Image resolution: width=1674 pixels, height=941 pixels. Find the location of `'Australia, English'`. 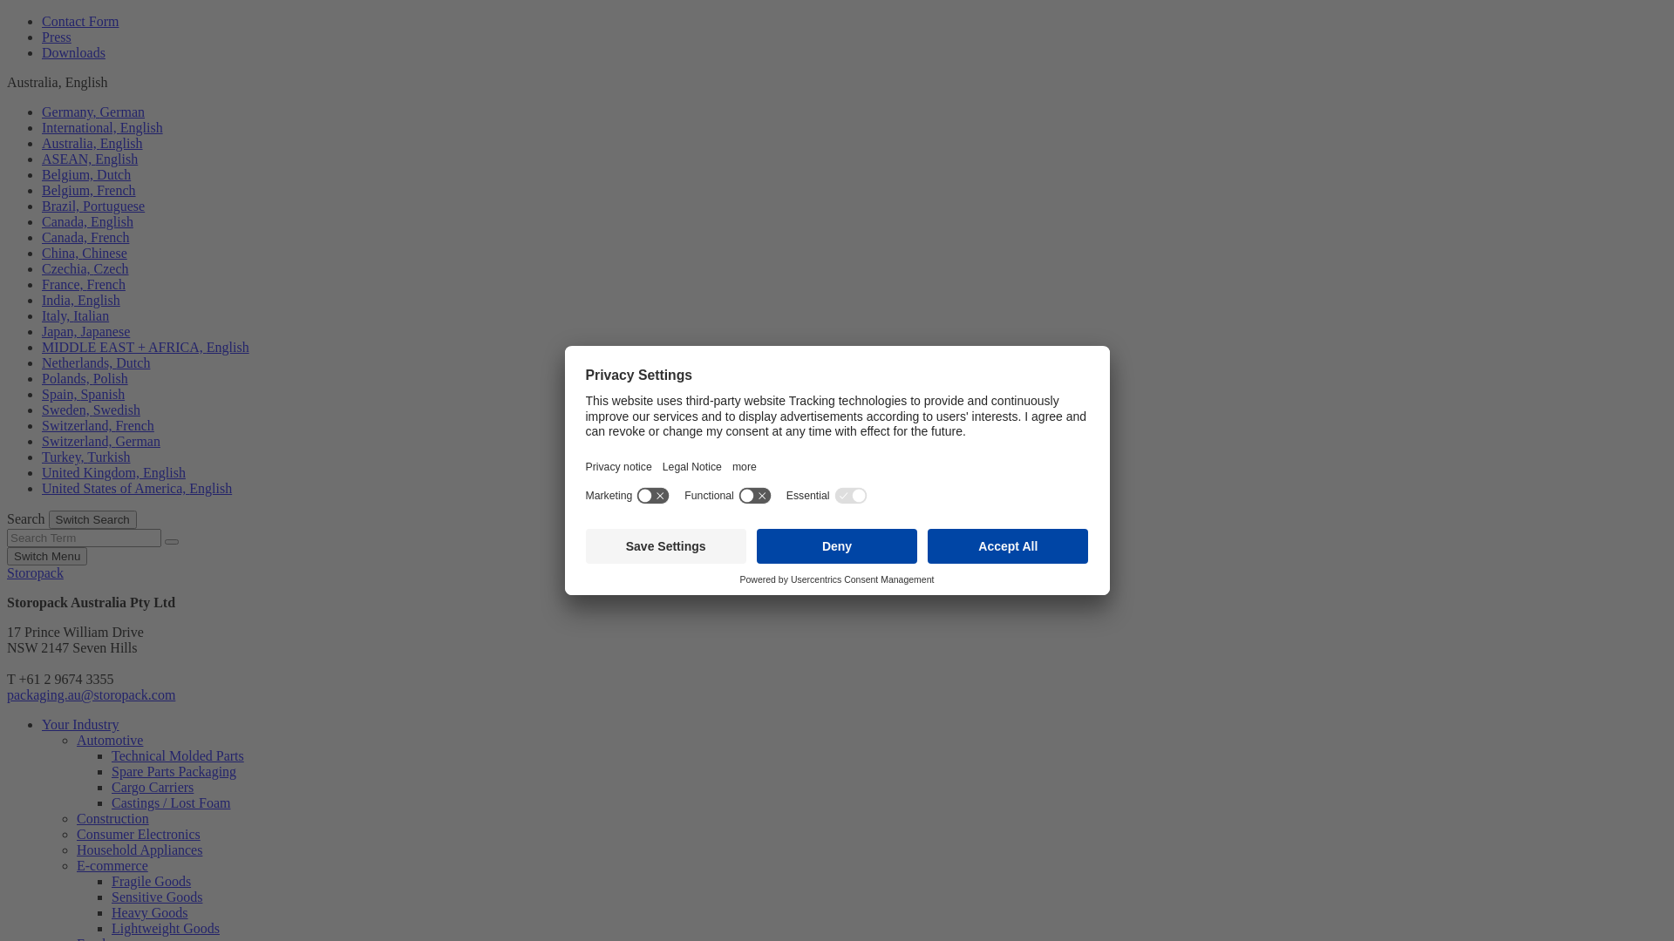

'Australia, English' is located at coordinates (42, 142).